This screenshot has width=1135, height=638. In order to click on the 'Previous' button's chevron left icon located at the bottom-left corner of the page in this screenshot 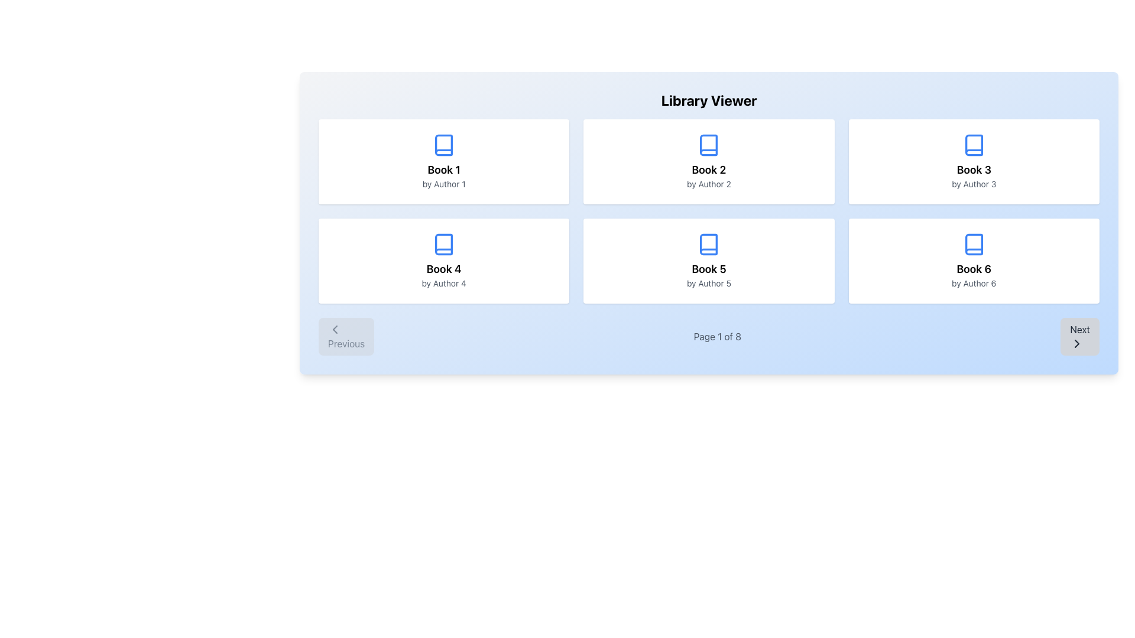, I will do `click(334, 330)`.